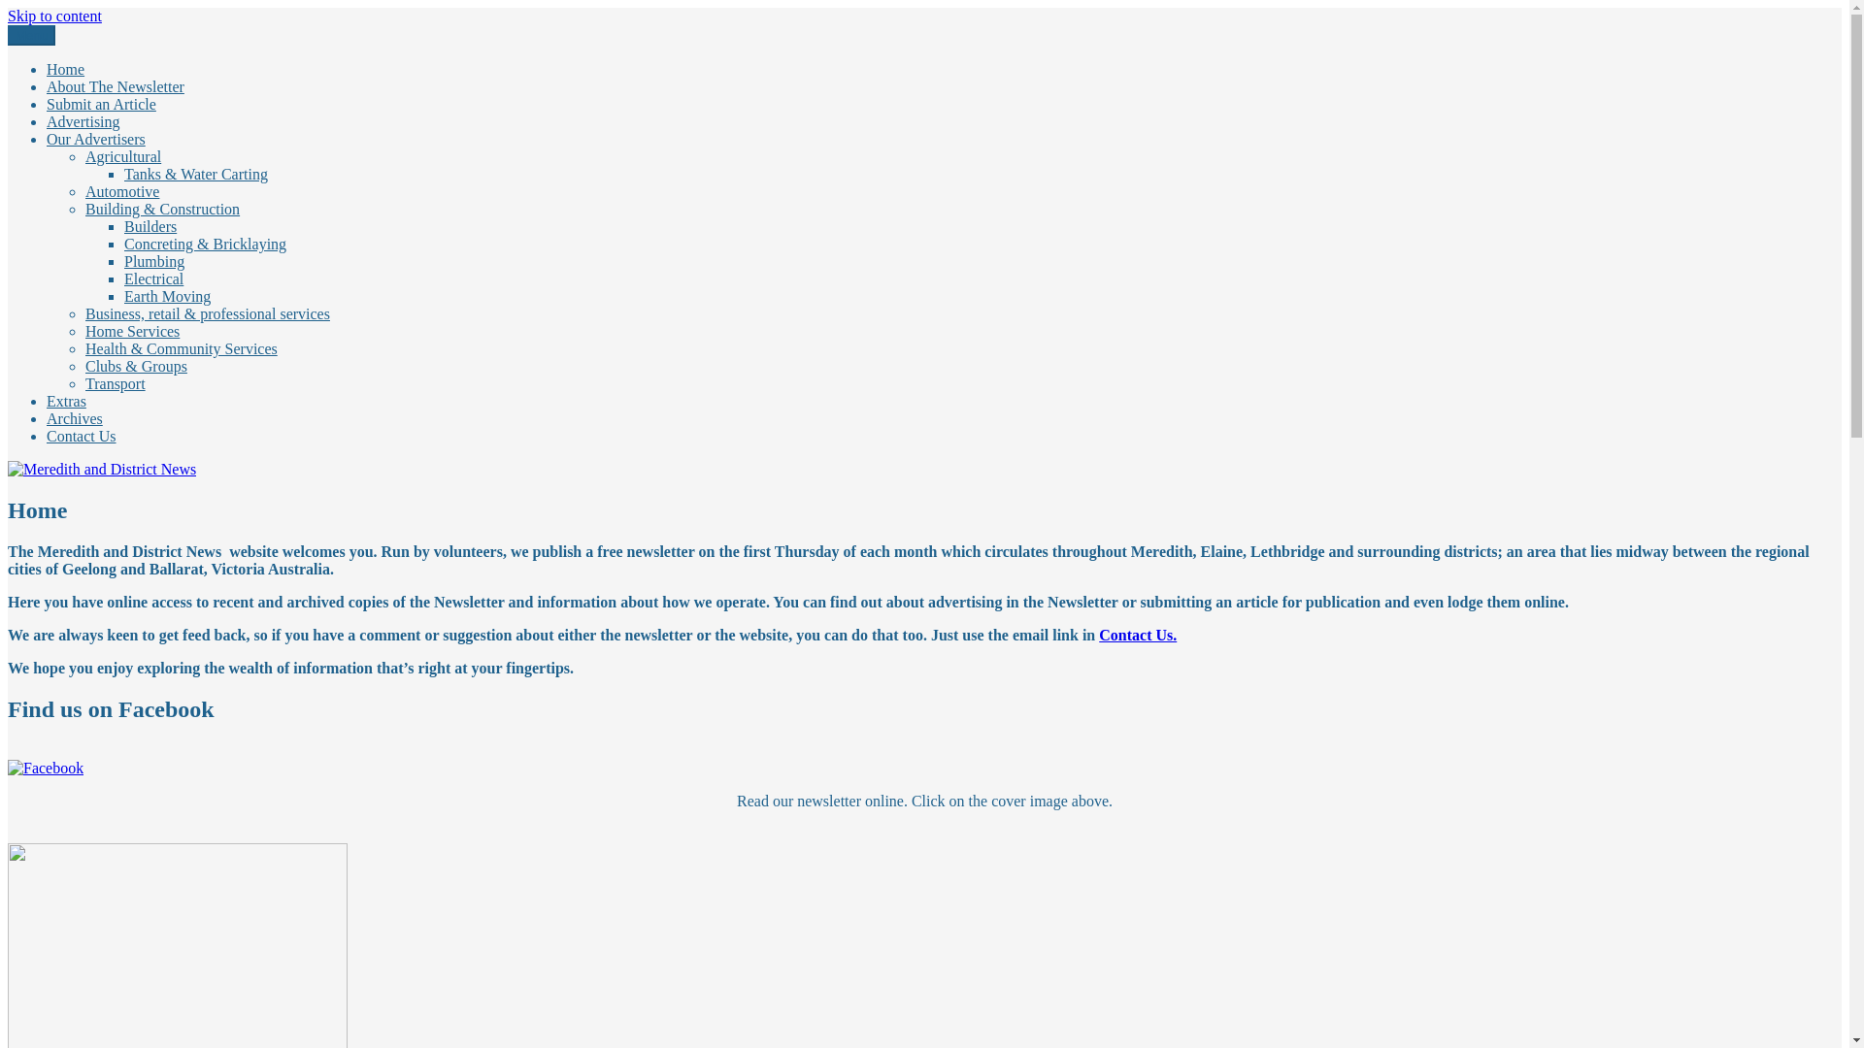 The width and height of the screenshot is (1864, 1048). Describe the element at coordinates (115, 383) in the screenshot. I see `'Transport'` at that location.